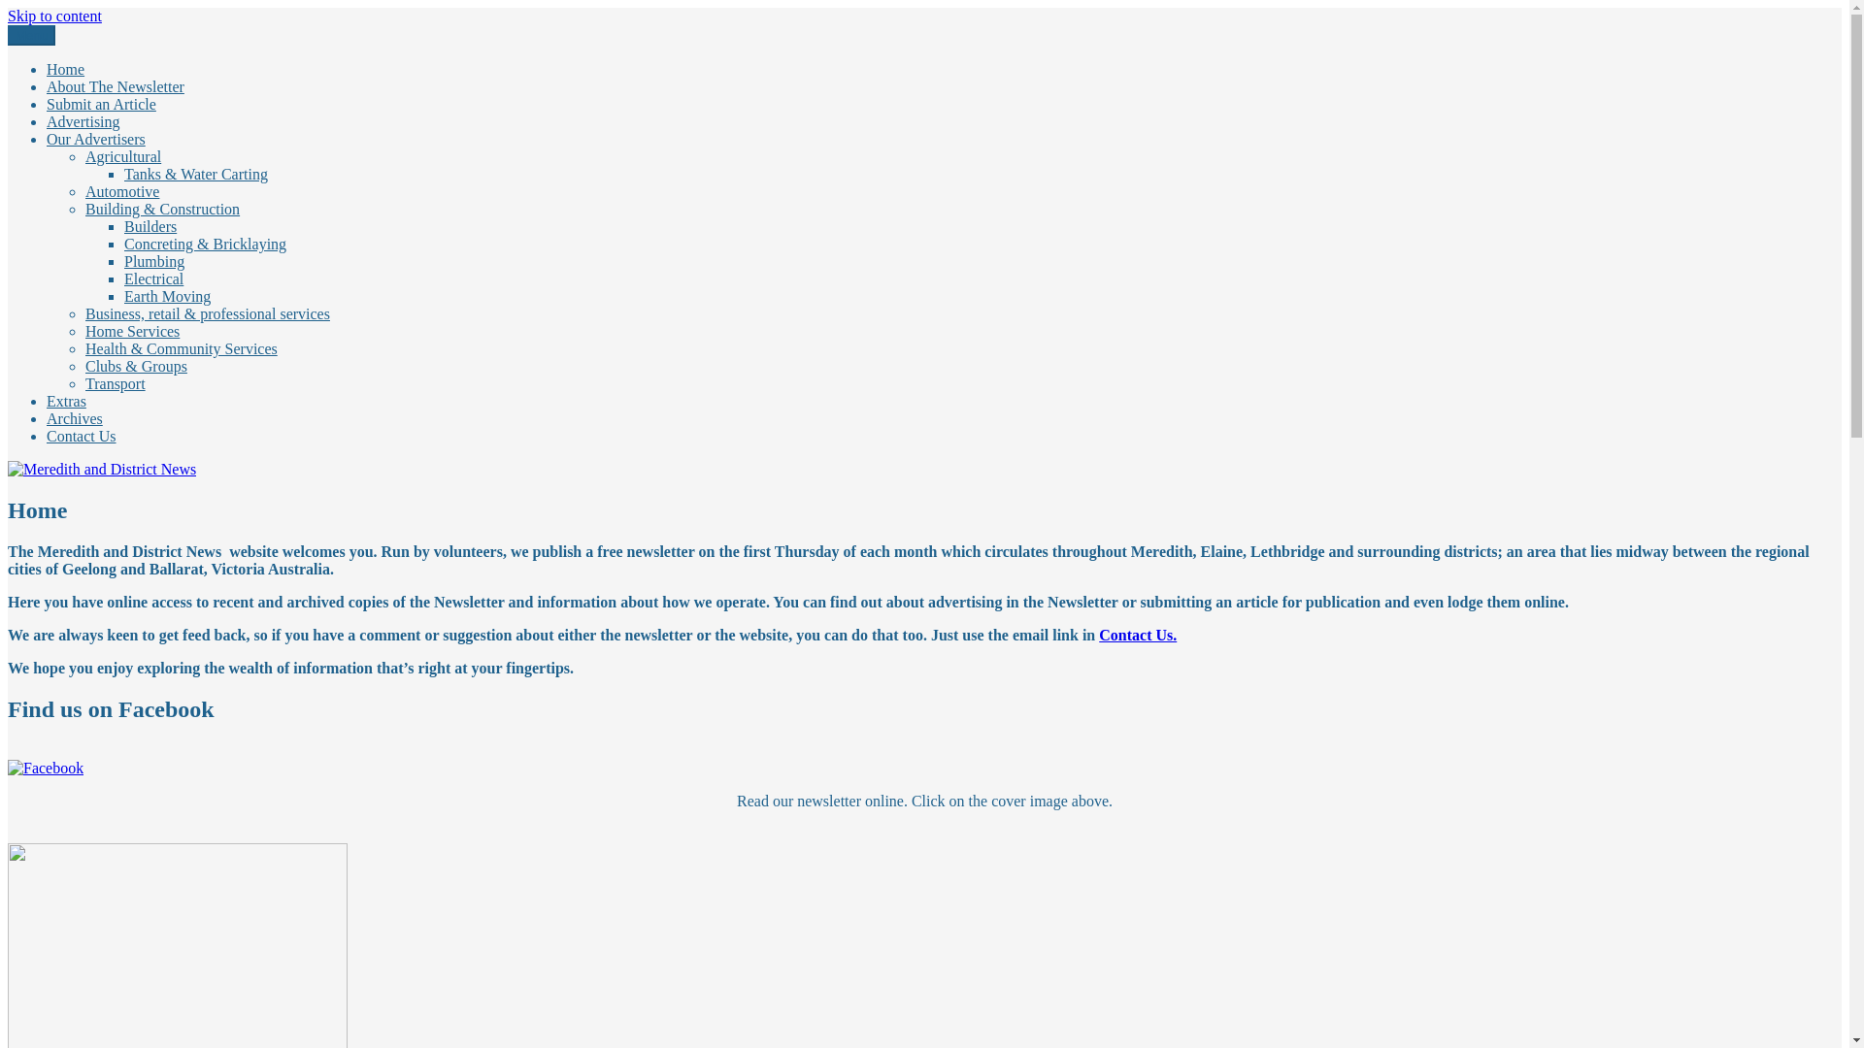 The width and height of the screenshot is (1864, 1048). Describe the element at coordinates (115, 383) in the screenshot. I see `'Transport'` at that location.